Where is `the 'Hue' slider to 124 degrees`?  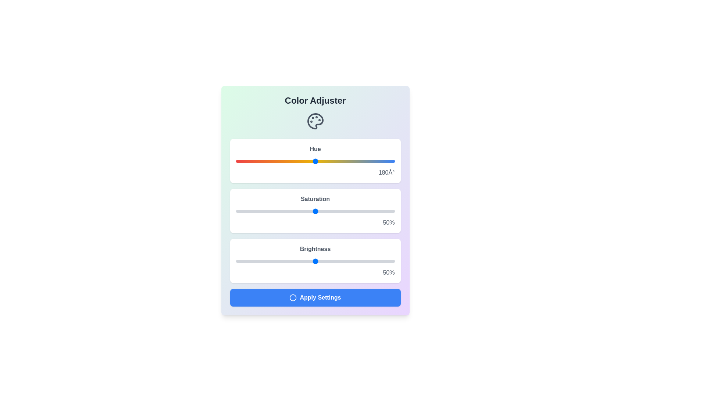 the 'Hue' slider to 124 degrees is located at coordinates (290, 161).